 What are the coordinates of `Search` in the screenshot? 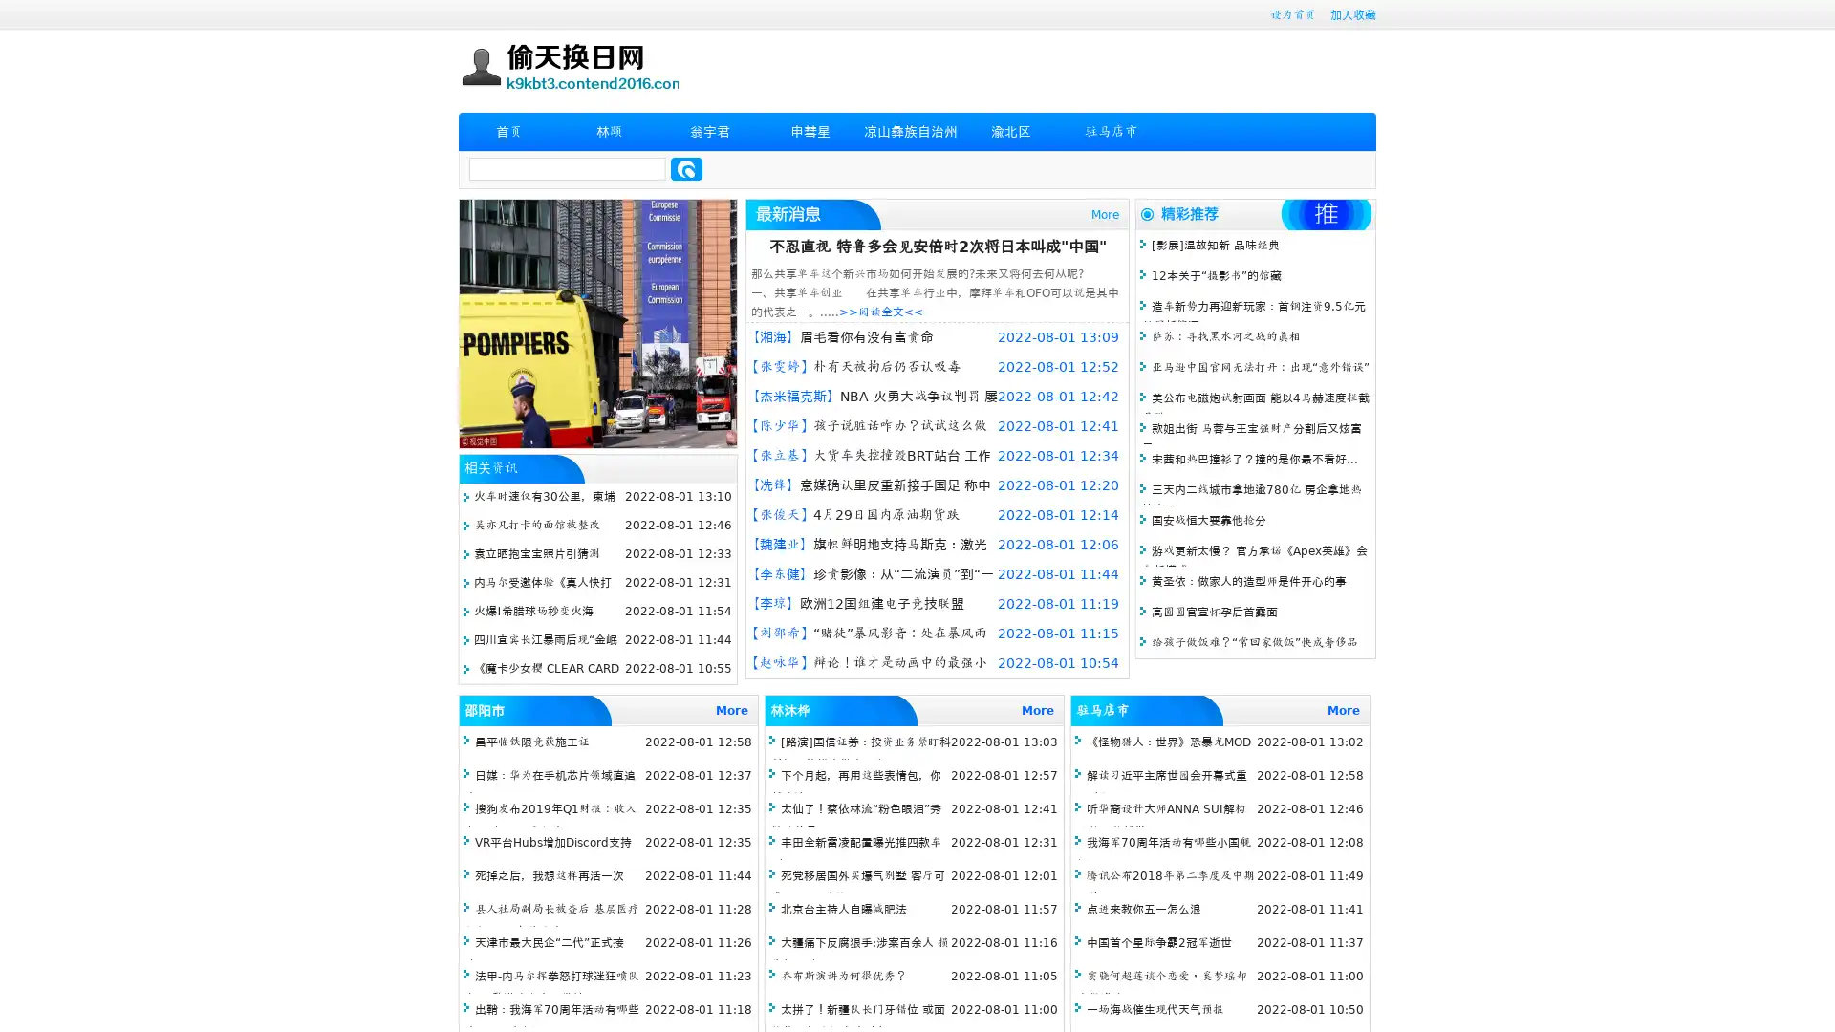 It's located at (686, 168).